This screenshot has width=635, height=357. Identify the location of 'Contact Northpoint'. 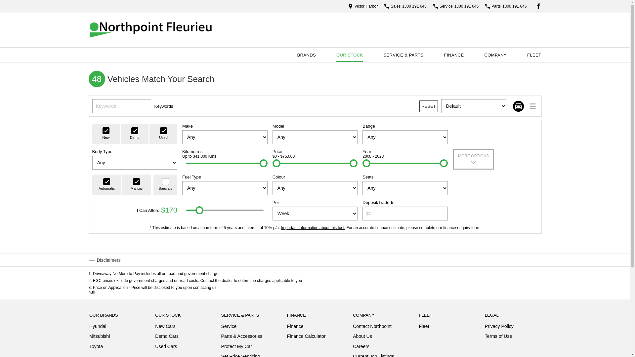
(372, 328).